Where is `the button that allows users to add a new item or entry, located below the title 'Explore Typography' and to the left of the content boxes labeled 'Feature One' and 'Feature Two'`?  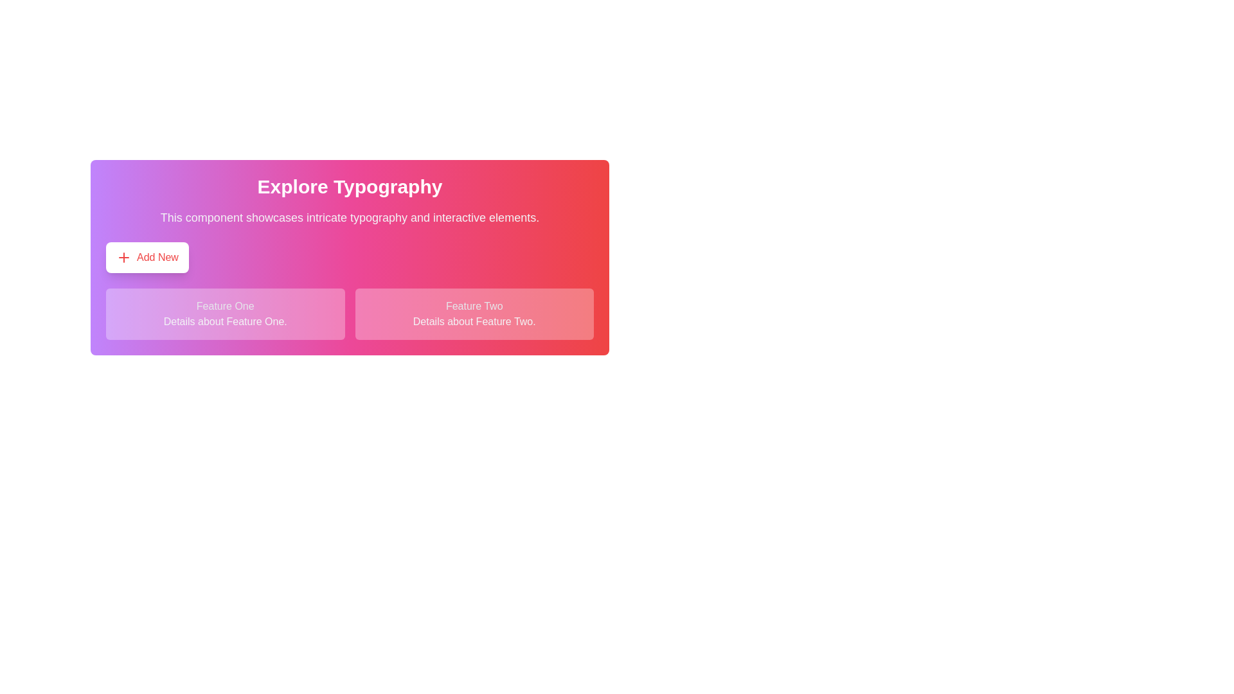
the button that allows users to add a new item or entry, located below the title 'Explore Typography' and to the left of the content boxes labeled 'Feature One' and 'Feature Two' is located at coordinates (147, 258).